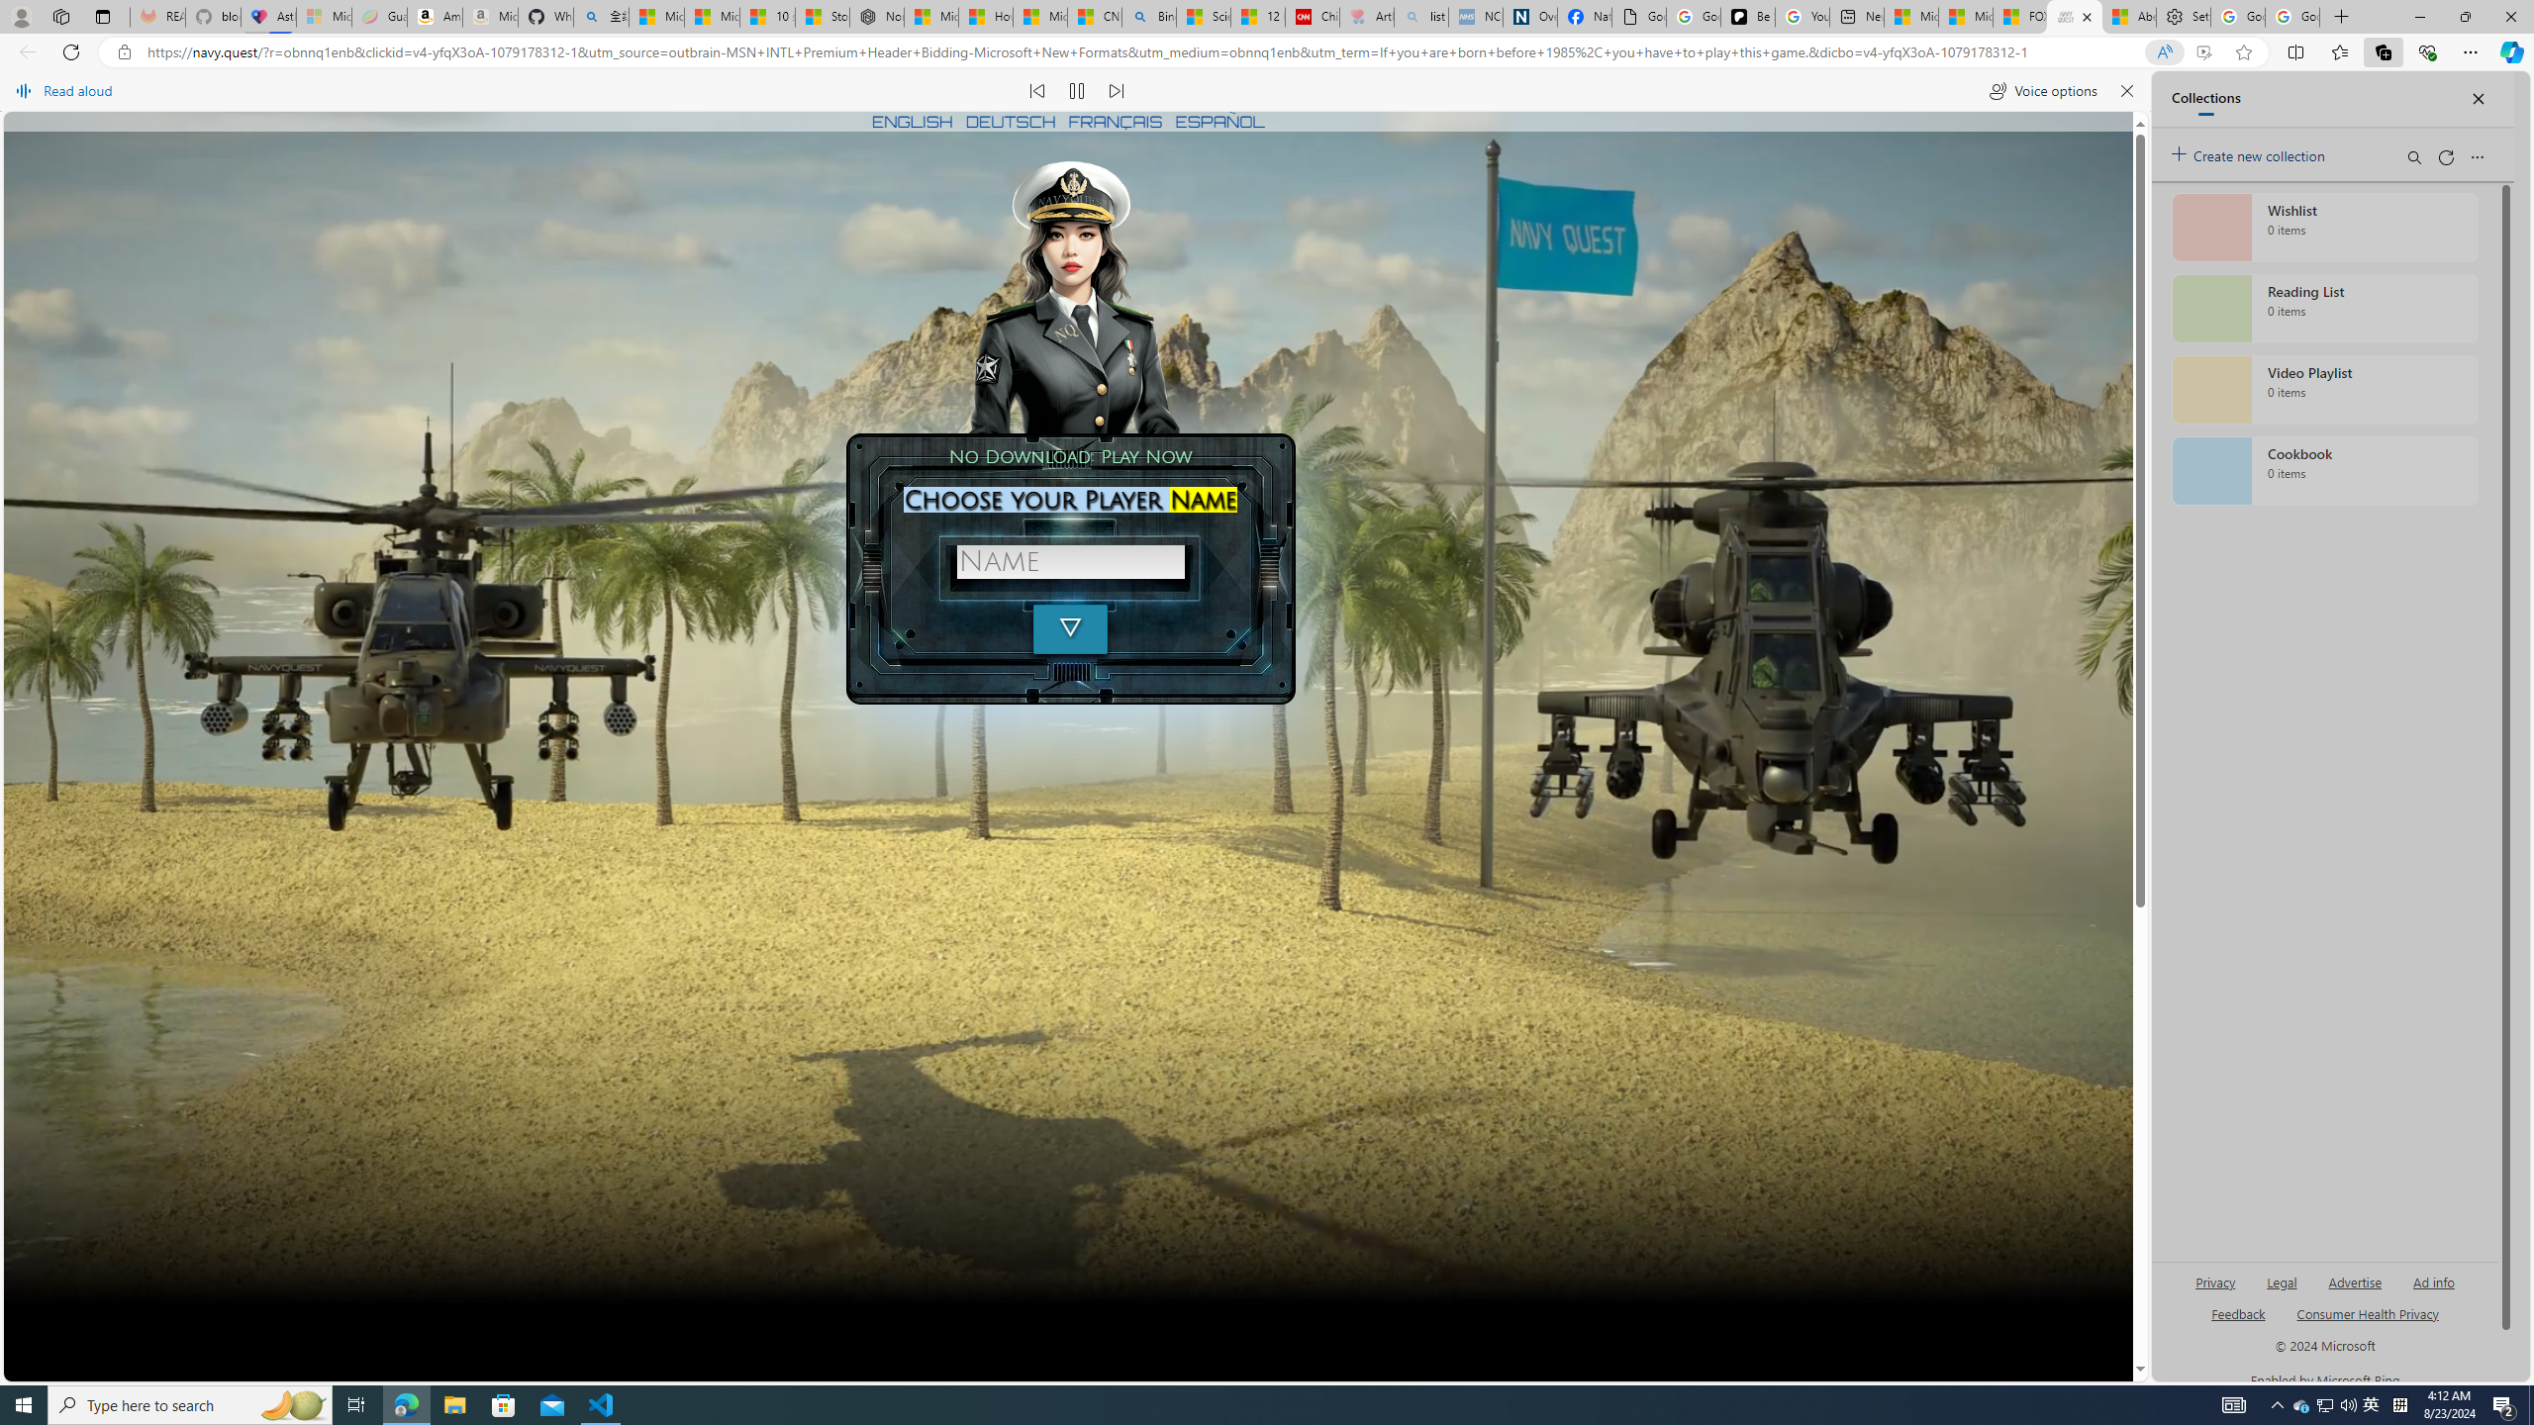 This screenshot has width=2534, height=1425. What do you see at coordinates (1203, 16) in the screenshot?
I see `'Science - MSN'` at bounding box center [1203, 16].